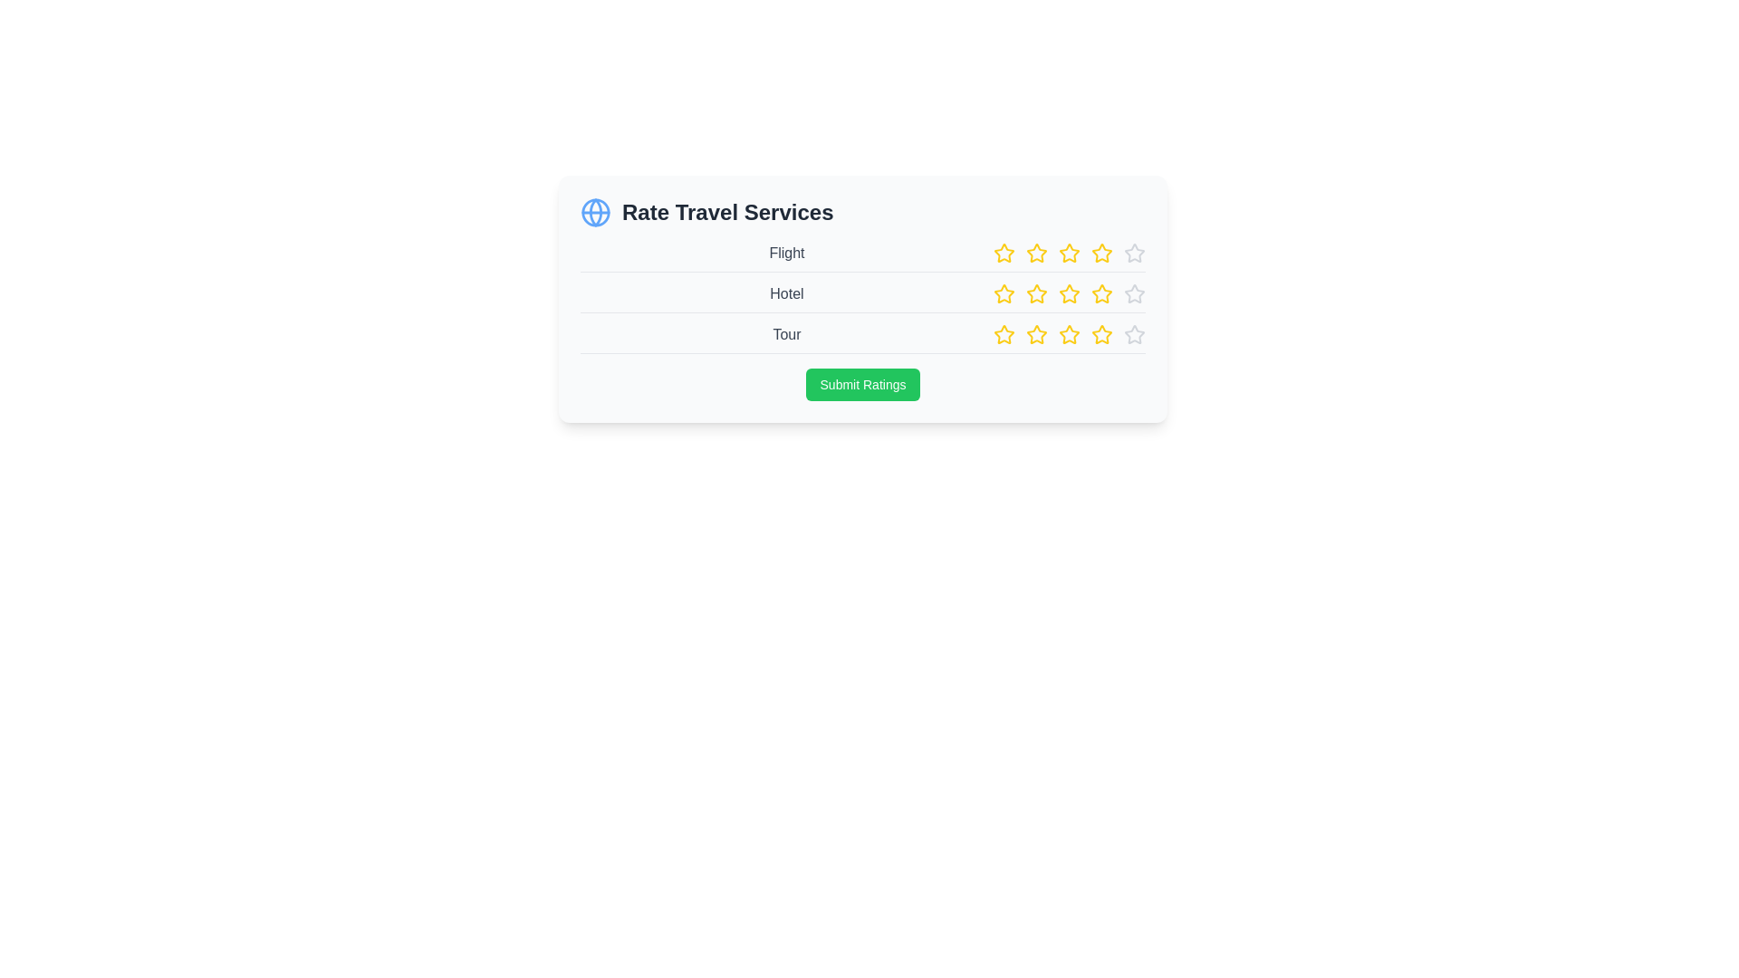 The image size is (1739, 978). Describe the element at coordinates (862, 383) in the screenshot. I see `the green 'Submit Ratings' button located at the bottom of the ratings section` at that location.